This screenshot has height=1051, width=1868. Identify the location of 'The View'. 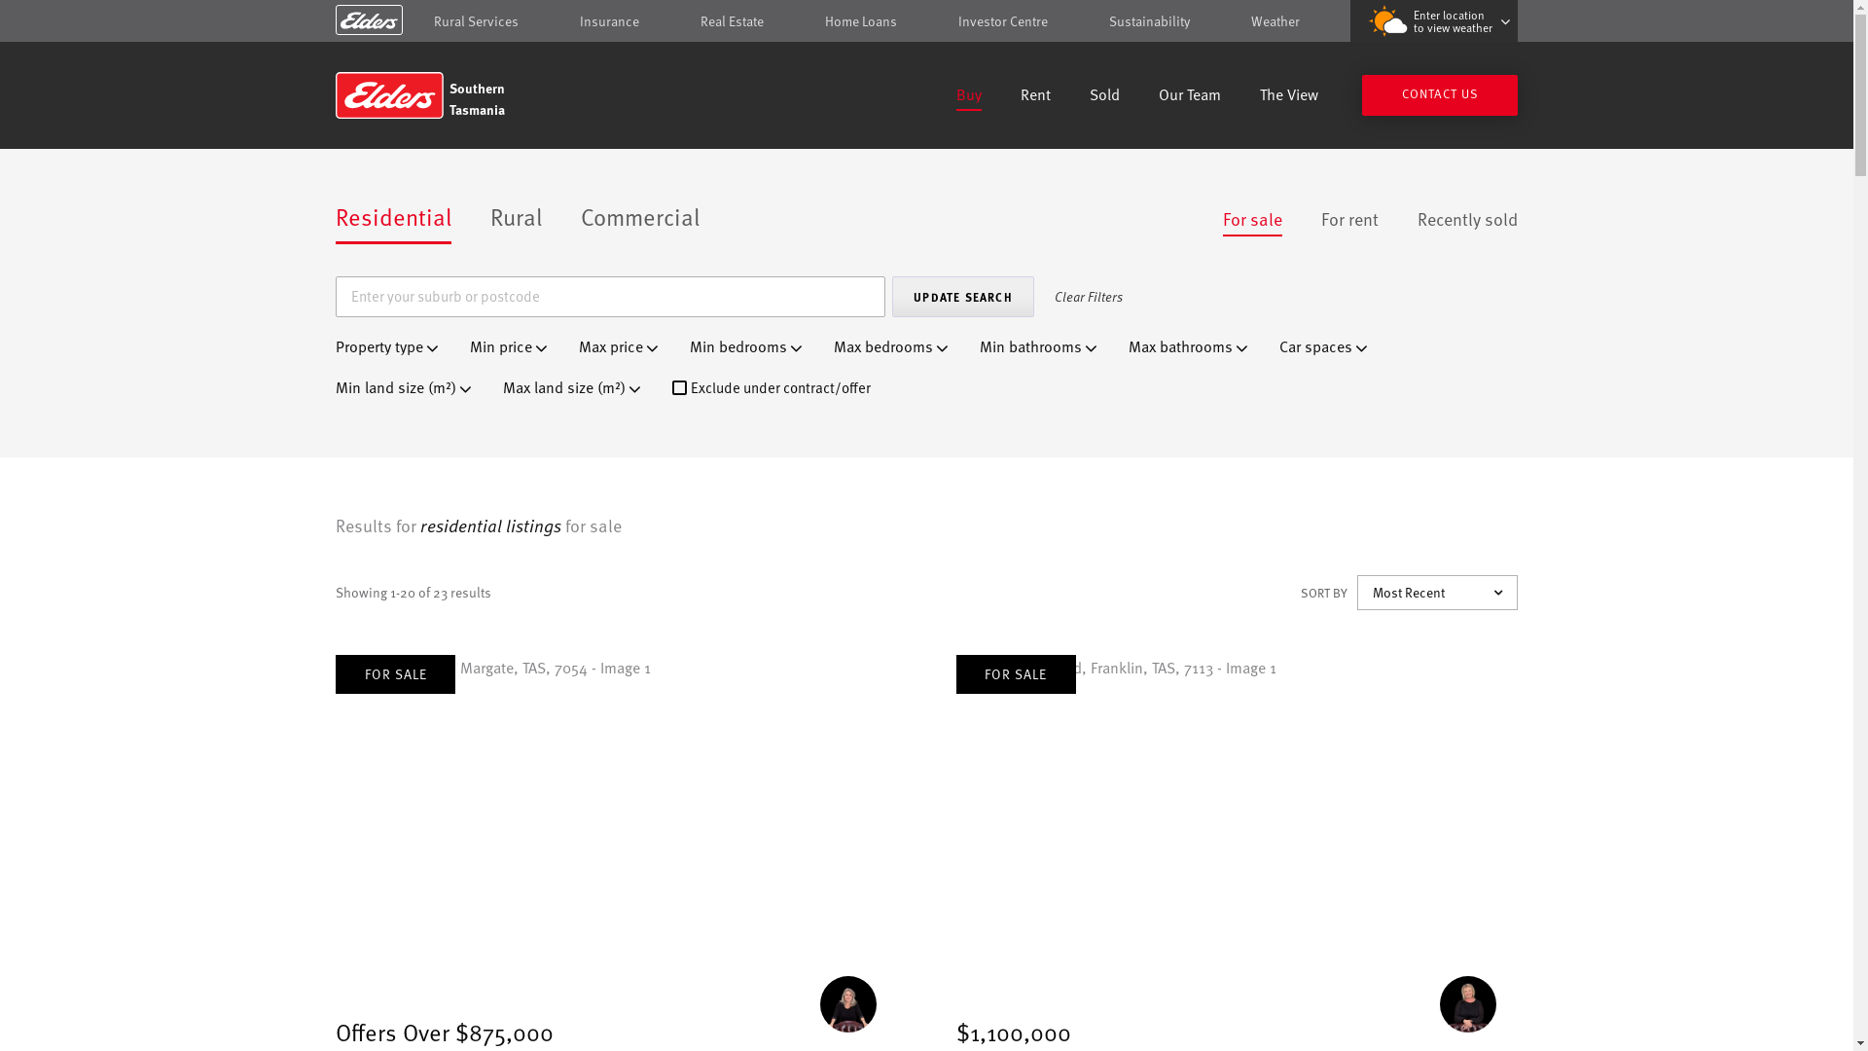
(1288, 96).